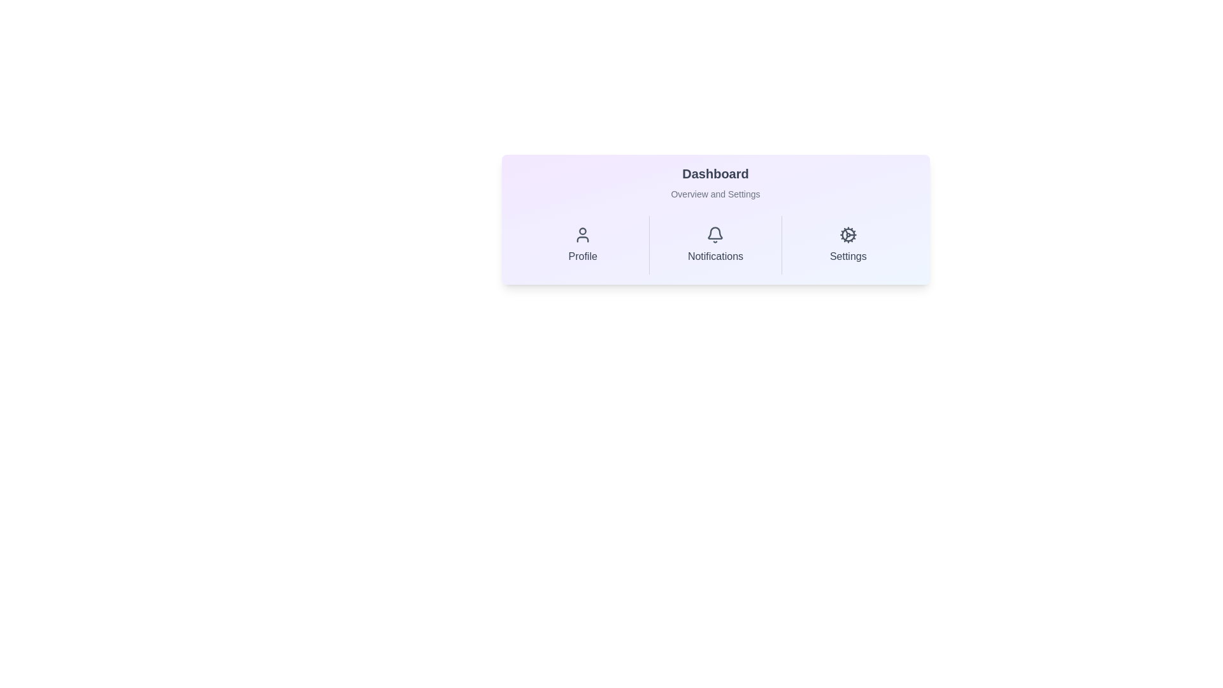 This screenshot has width=1223, height=688. What do you see at coordinates (715, 245) in the screenshot?
I see `the bell-shaped icon-button labeled 'Notifications'` at bounding box center [715, 245].